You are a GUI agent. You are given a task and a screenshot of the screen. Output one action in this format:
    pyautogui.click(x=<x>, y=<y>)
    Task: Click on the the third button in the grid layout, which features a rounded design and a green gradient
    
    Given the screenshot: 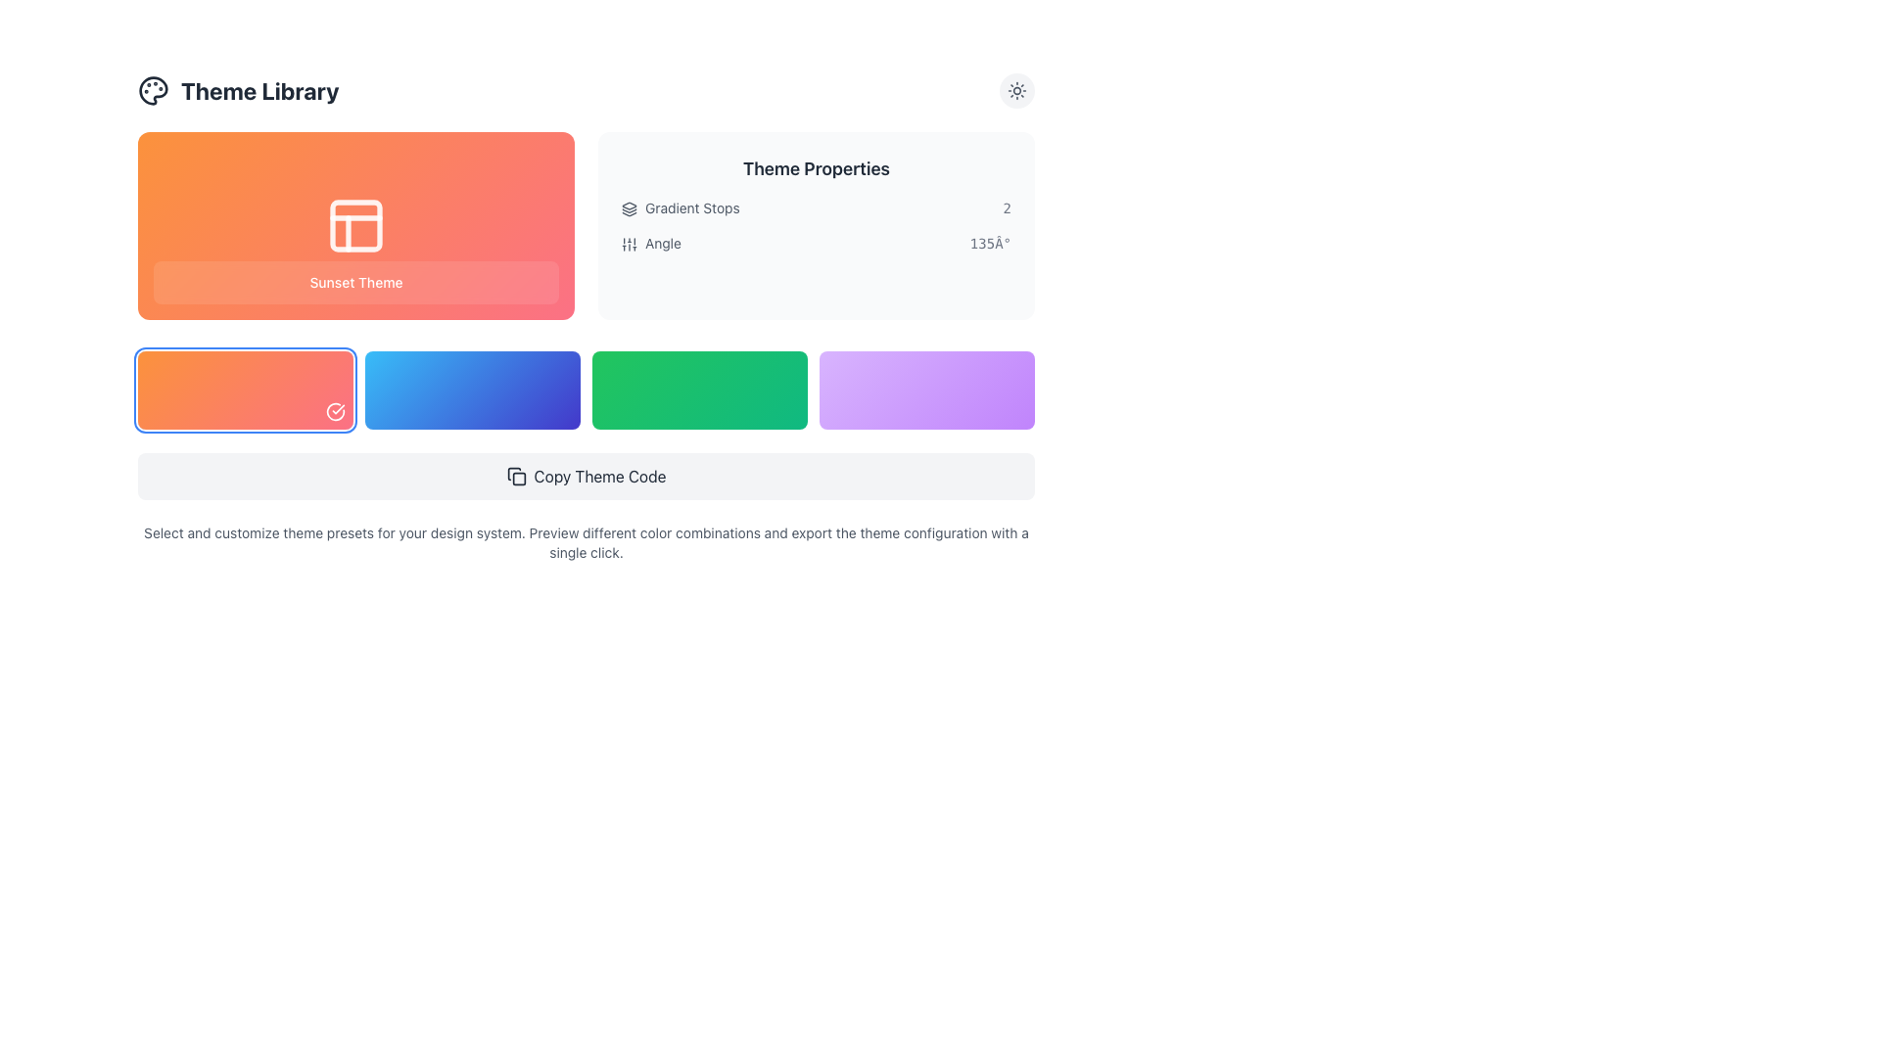 What is the action you would take?
    pyautogui.click(x=586, y=390)
    